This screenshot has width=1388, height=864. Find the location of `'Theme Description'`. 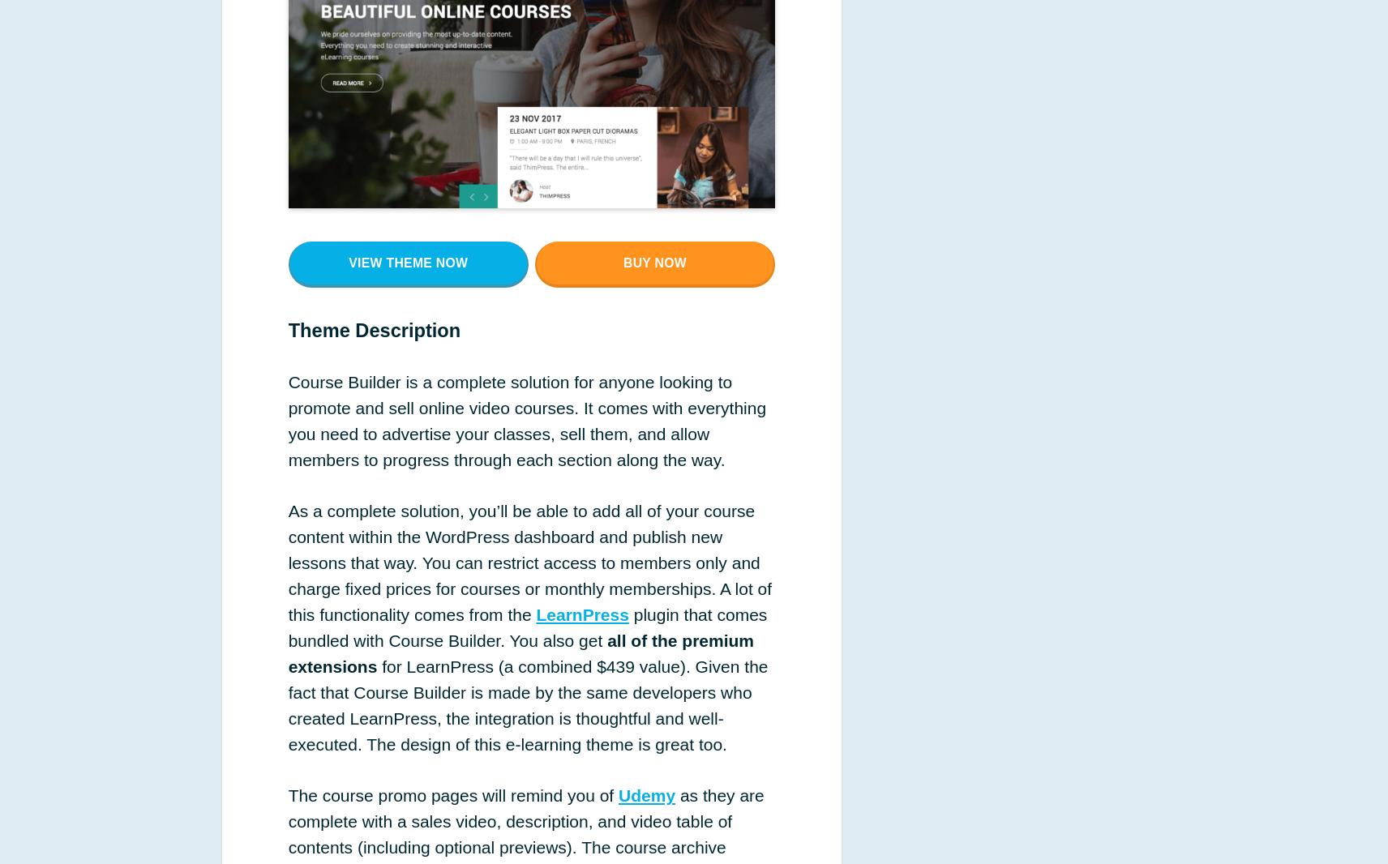

'Theme Description' is located at coordinates (373, 329).